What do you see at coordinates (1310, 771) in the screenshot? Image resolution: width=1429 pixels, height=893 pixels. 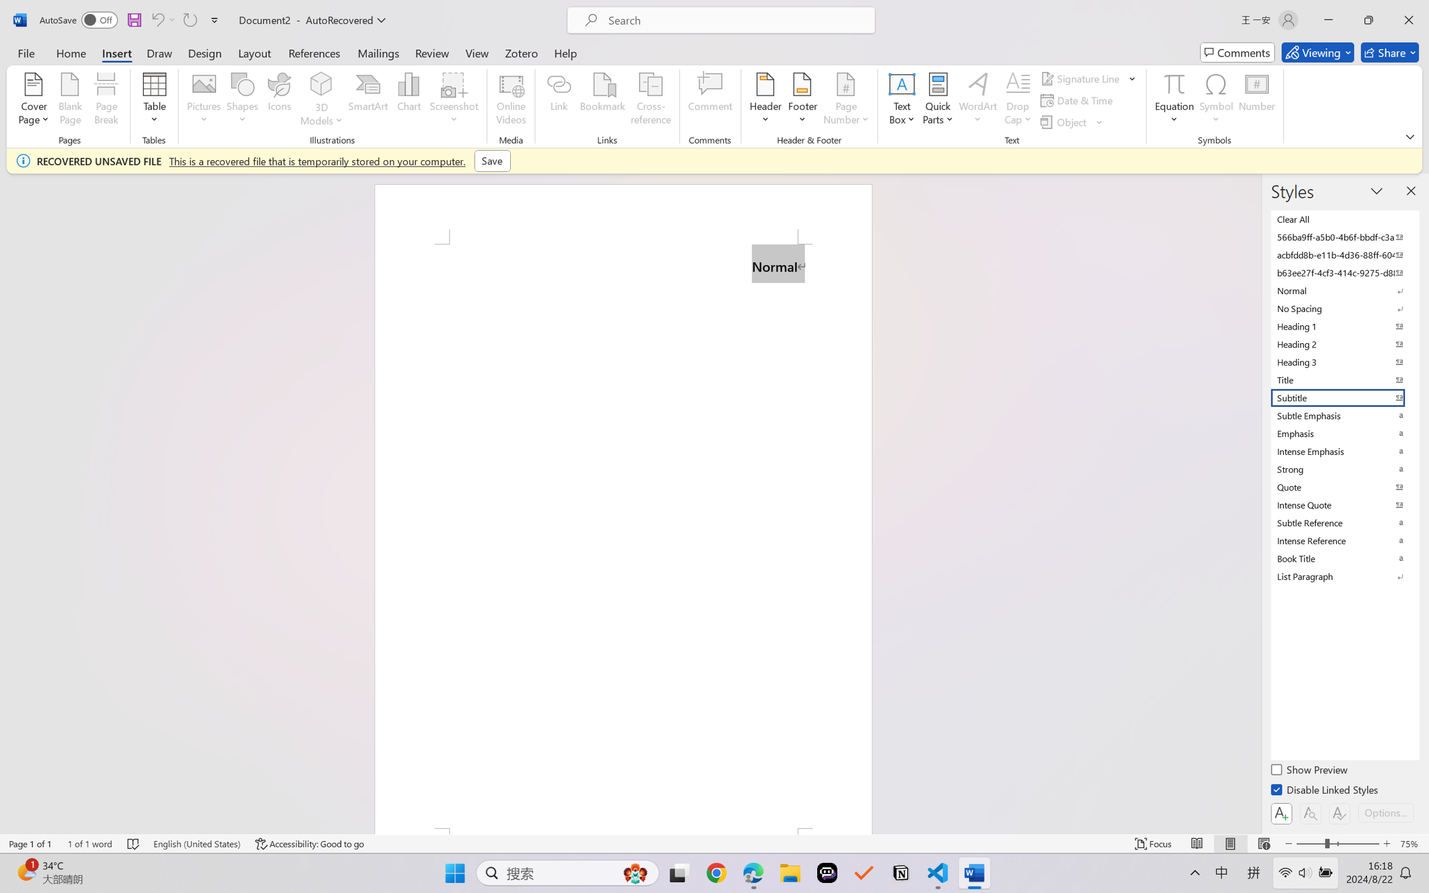 I see `'Show Preview'` at bounding box center [1310, 771].